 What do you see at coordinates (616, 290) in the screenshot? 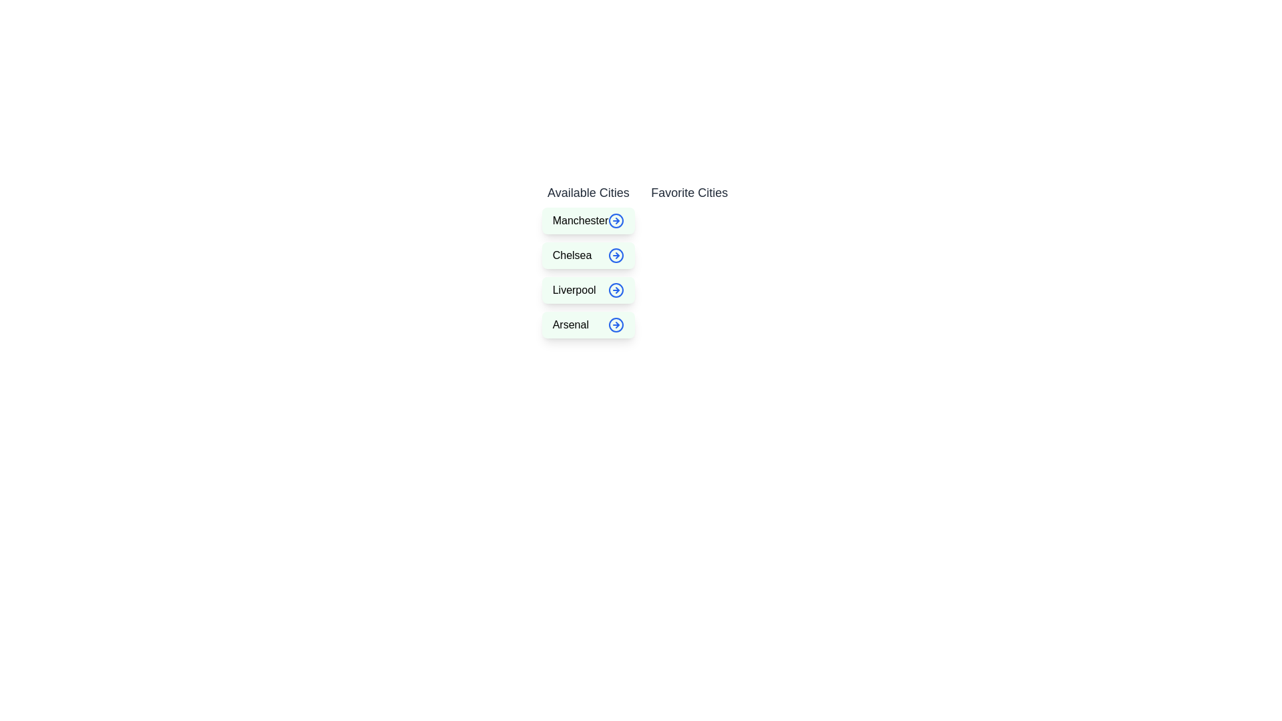
I see `right arrow button next to the city Liverpool in the 'Available Cities' list` at bounding box center [616, 290].